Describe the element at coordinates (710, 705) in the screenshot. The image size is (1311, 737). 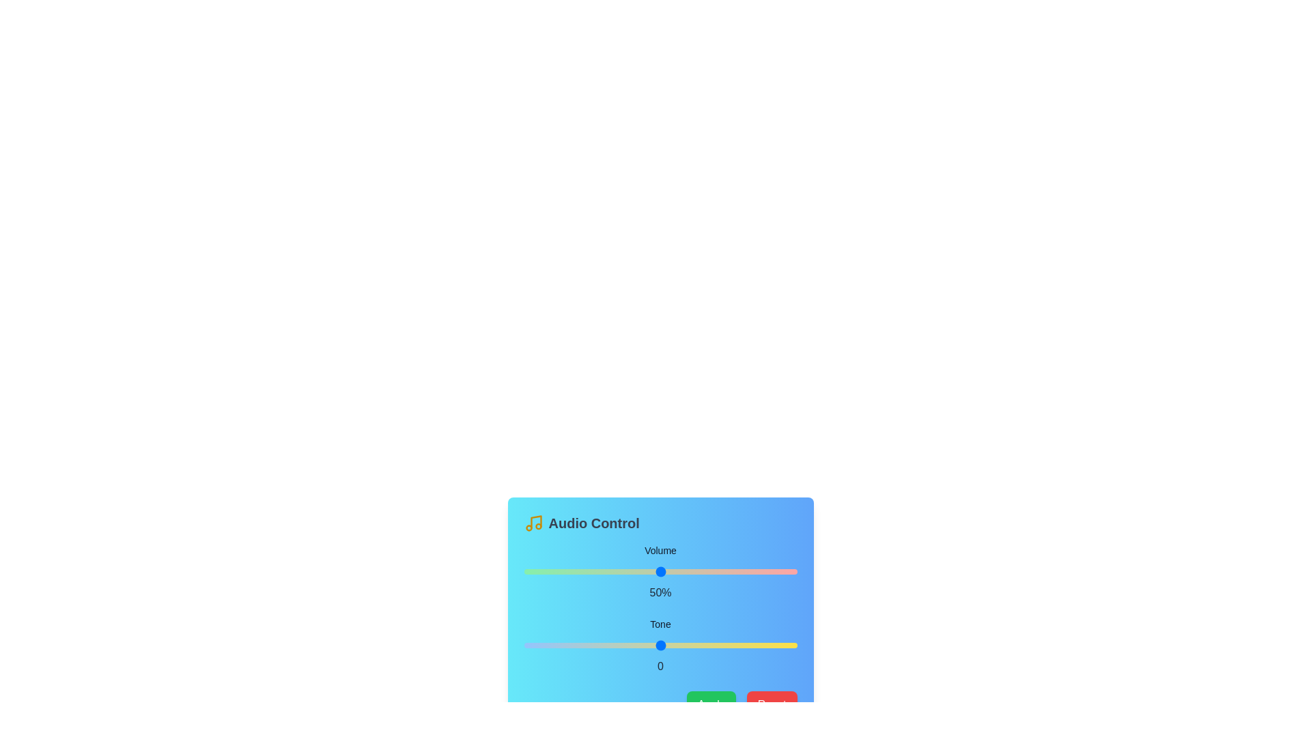
I see `the 'Apply' button to apply the changes` at that location.